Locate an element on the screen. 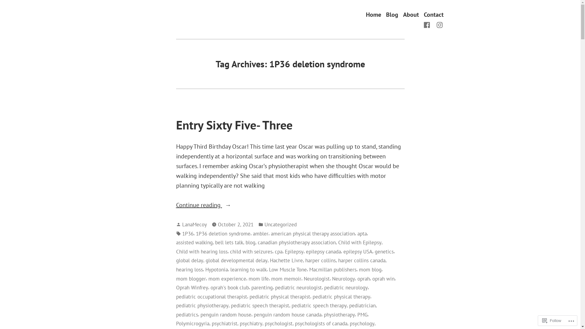 The height and width of the screenshot is (329, 585). 'penguin random house canada' is located at coordinates (287, 315).